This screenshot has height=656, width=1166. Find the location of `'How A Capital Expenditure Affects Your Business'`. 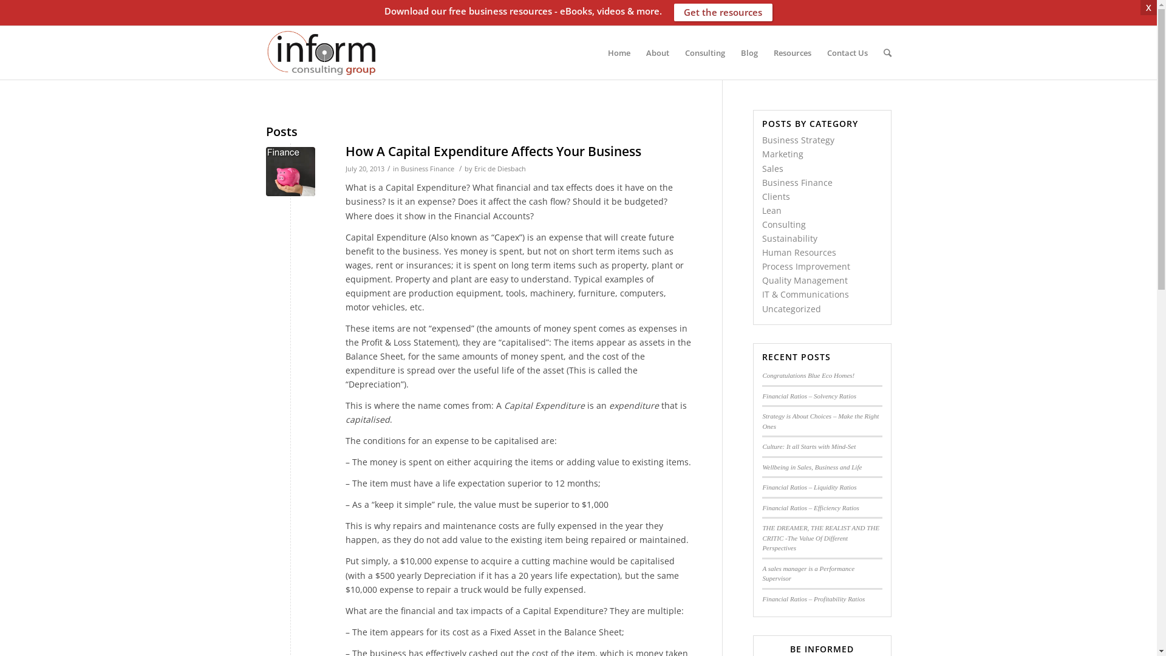

'How A Capital Expenditure Affects Your Business' is located at coordinates (493, 151).